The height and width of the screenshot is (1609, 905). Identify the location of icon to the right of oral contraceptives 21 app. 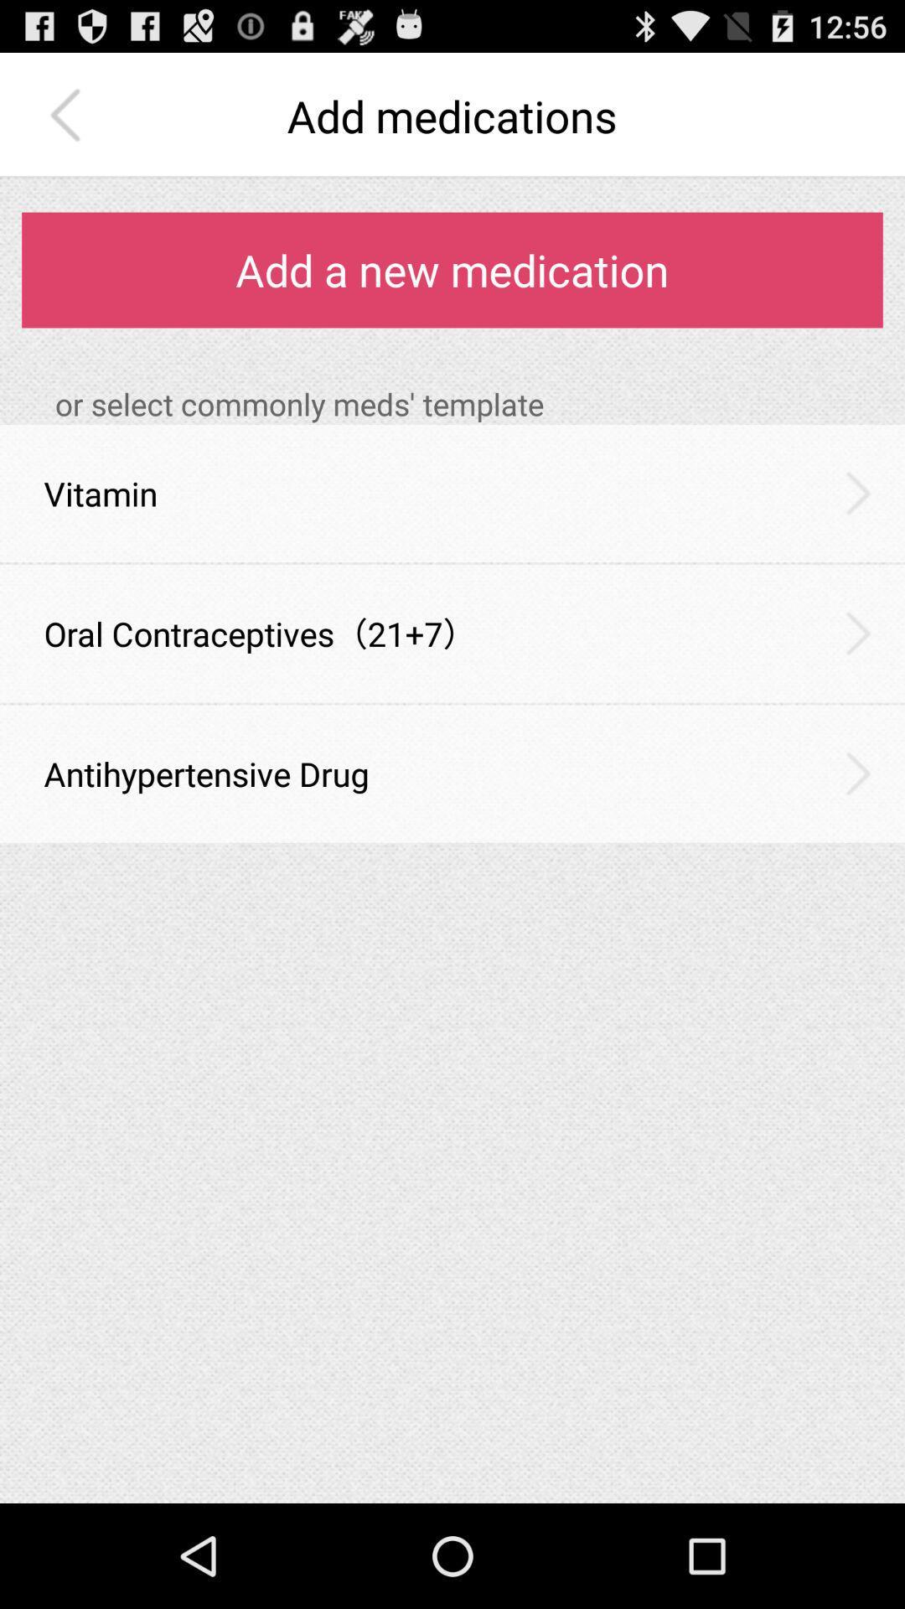
(858, 632).